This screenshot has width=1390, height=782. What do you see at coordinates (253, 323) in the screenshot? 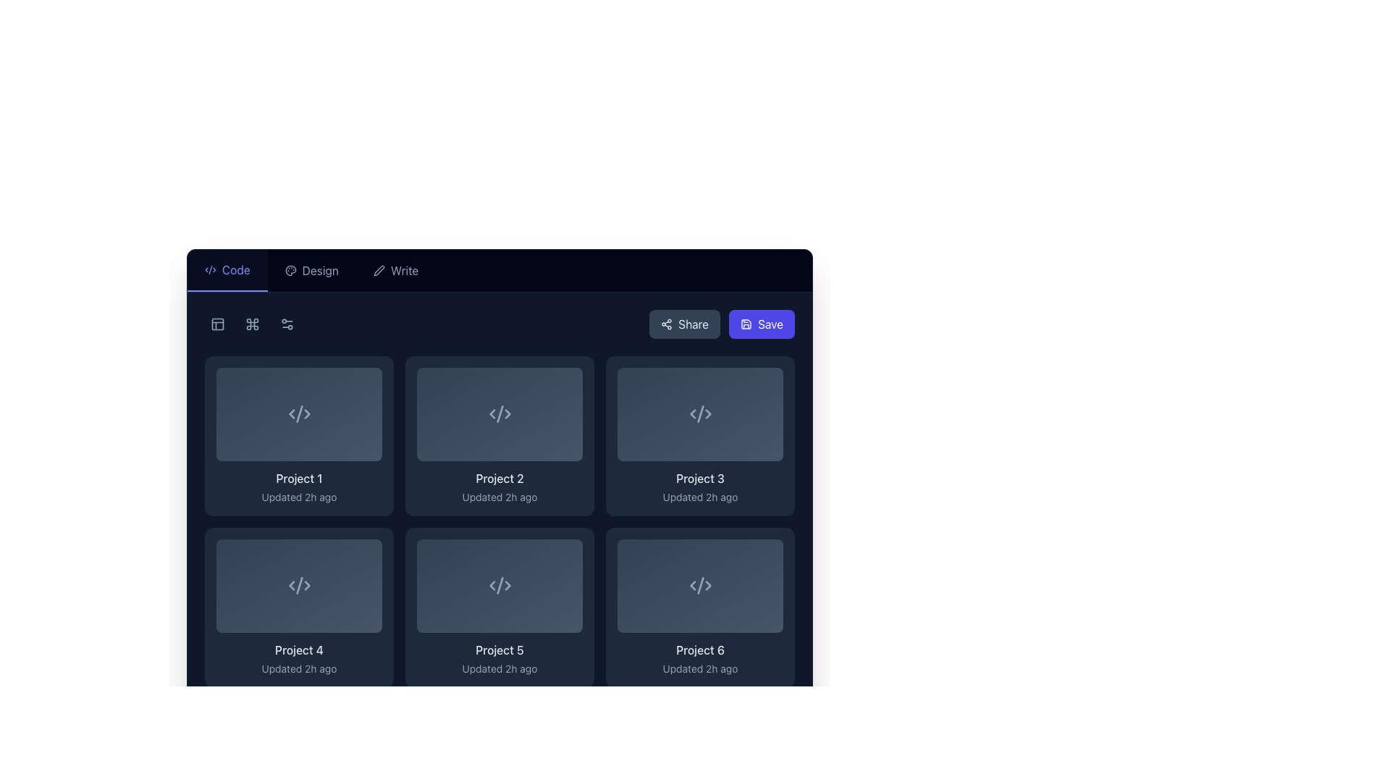
I see `the second button in the top-left section of the interface` at bounding box center [253, 323].